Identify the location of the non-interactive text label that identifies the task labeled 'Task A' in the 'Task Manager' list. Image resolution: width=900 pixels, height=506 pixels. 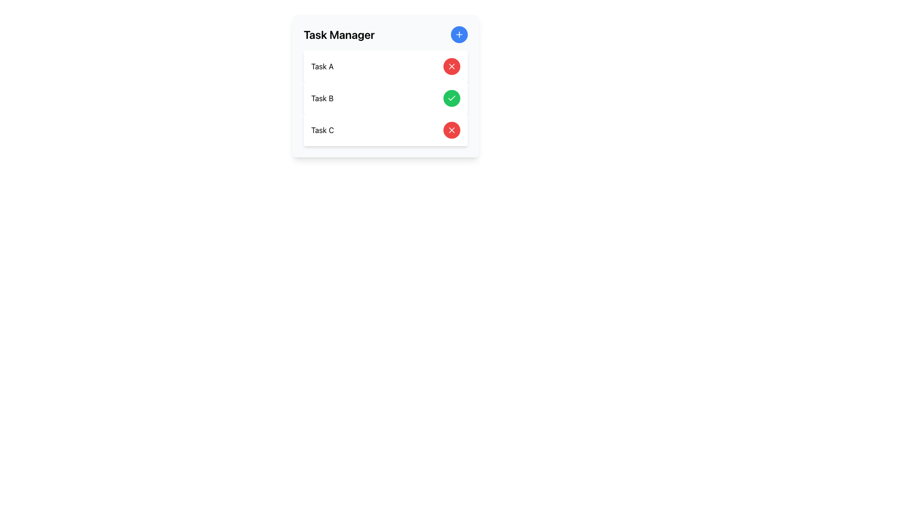
(322, 66).